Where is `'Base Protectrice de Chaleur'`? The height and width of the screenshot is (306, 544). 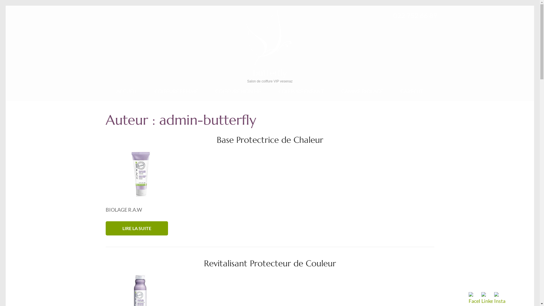
'Base Protectrice de Chaleur' is located at coordinates (269, 140).